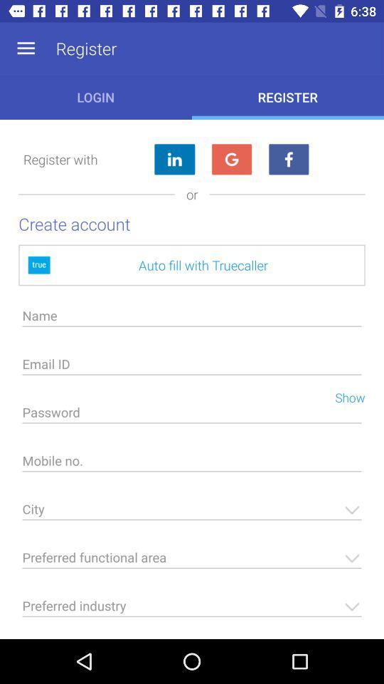 This screenshot has height=684, width=384. I want to click on show item, so click(343, 396).